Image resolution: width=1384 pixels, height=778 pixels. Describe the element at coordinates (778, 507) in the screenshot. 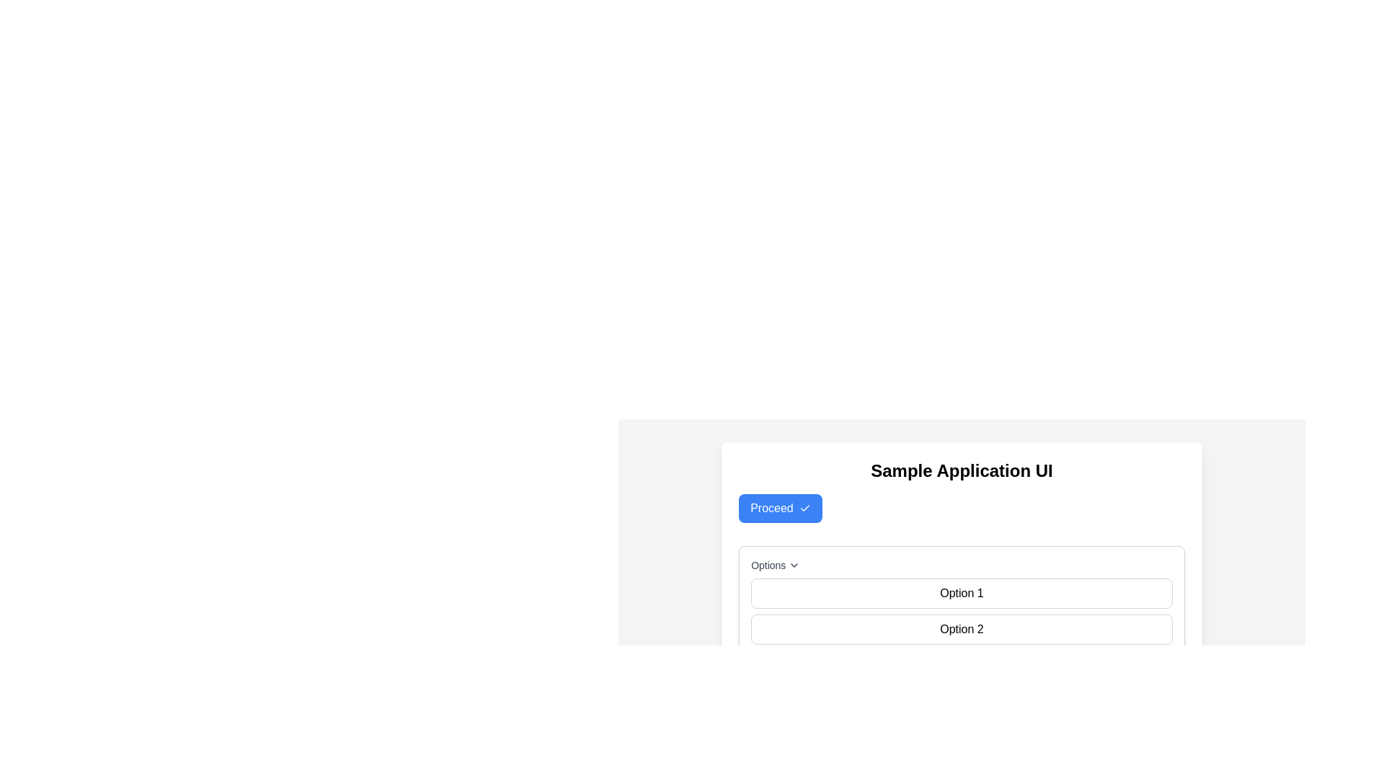

I see `the blue button labeled 'Proceed' with a checkmark icon on its right side, located within the 'Sample Application UI' card` at that location.